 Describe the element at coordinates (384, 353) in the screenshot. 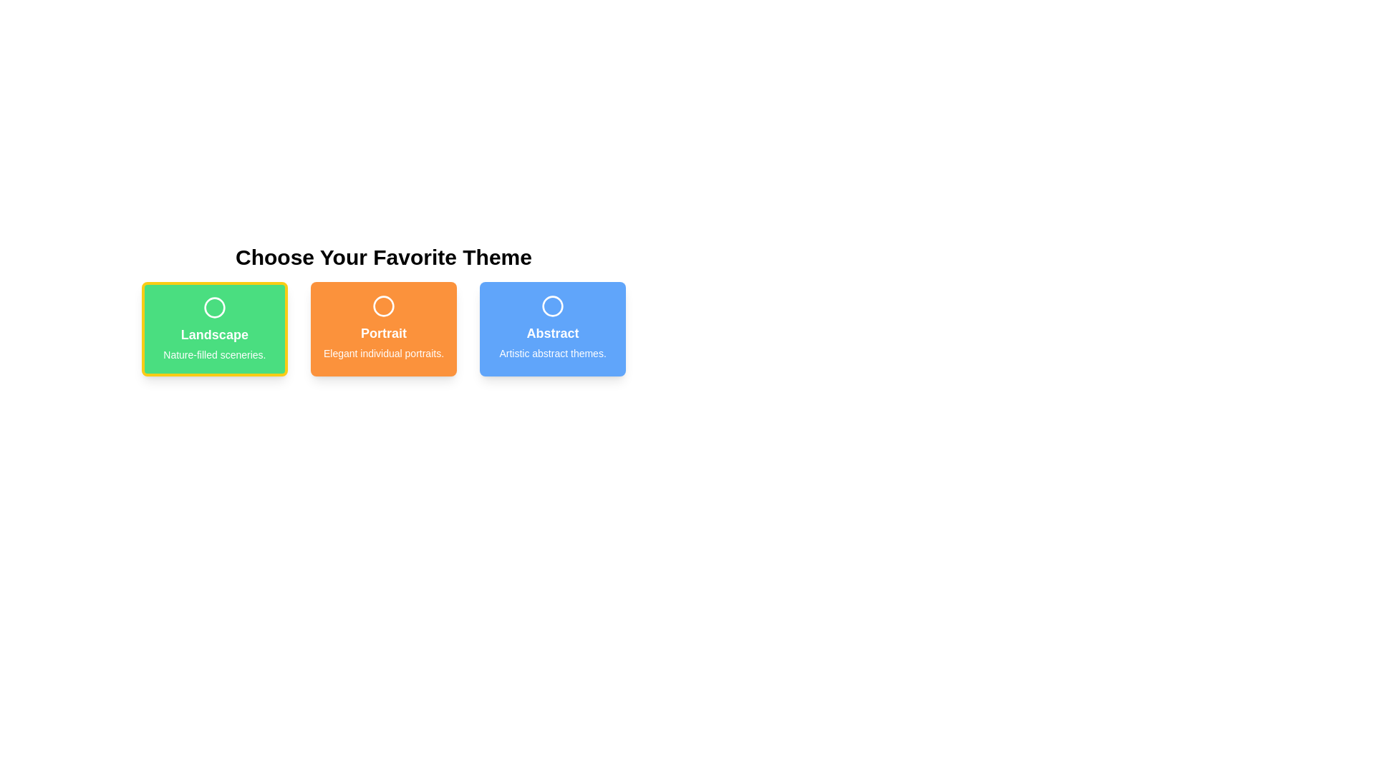

I see `the static descriptive text element that contains the text 'Elegant individual portraits.' which is located within an orange background at the bottom section of the center card labeled 'Portrait'` at that location.